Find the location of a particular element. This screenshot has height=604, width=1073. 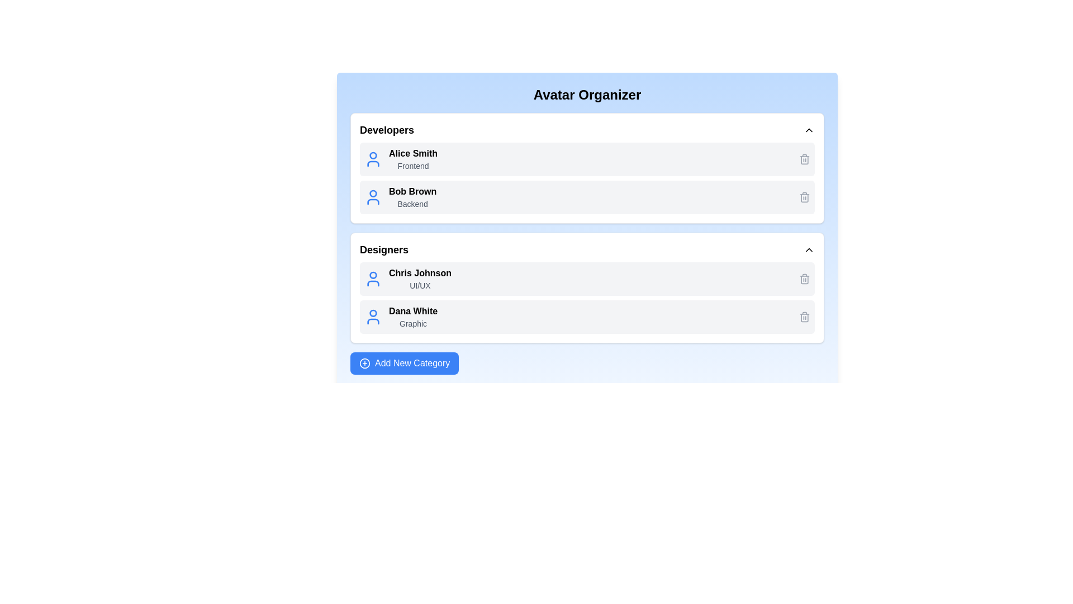

the text label displaying 'Frontend' that is located below the name label 'Alice Smith' in the 'Developers' section is located at coordinates (412, 166).